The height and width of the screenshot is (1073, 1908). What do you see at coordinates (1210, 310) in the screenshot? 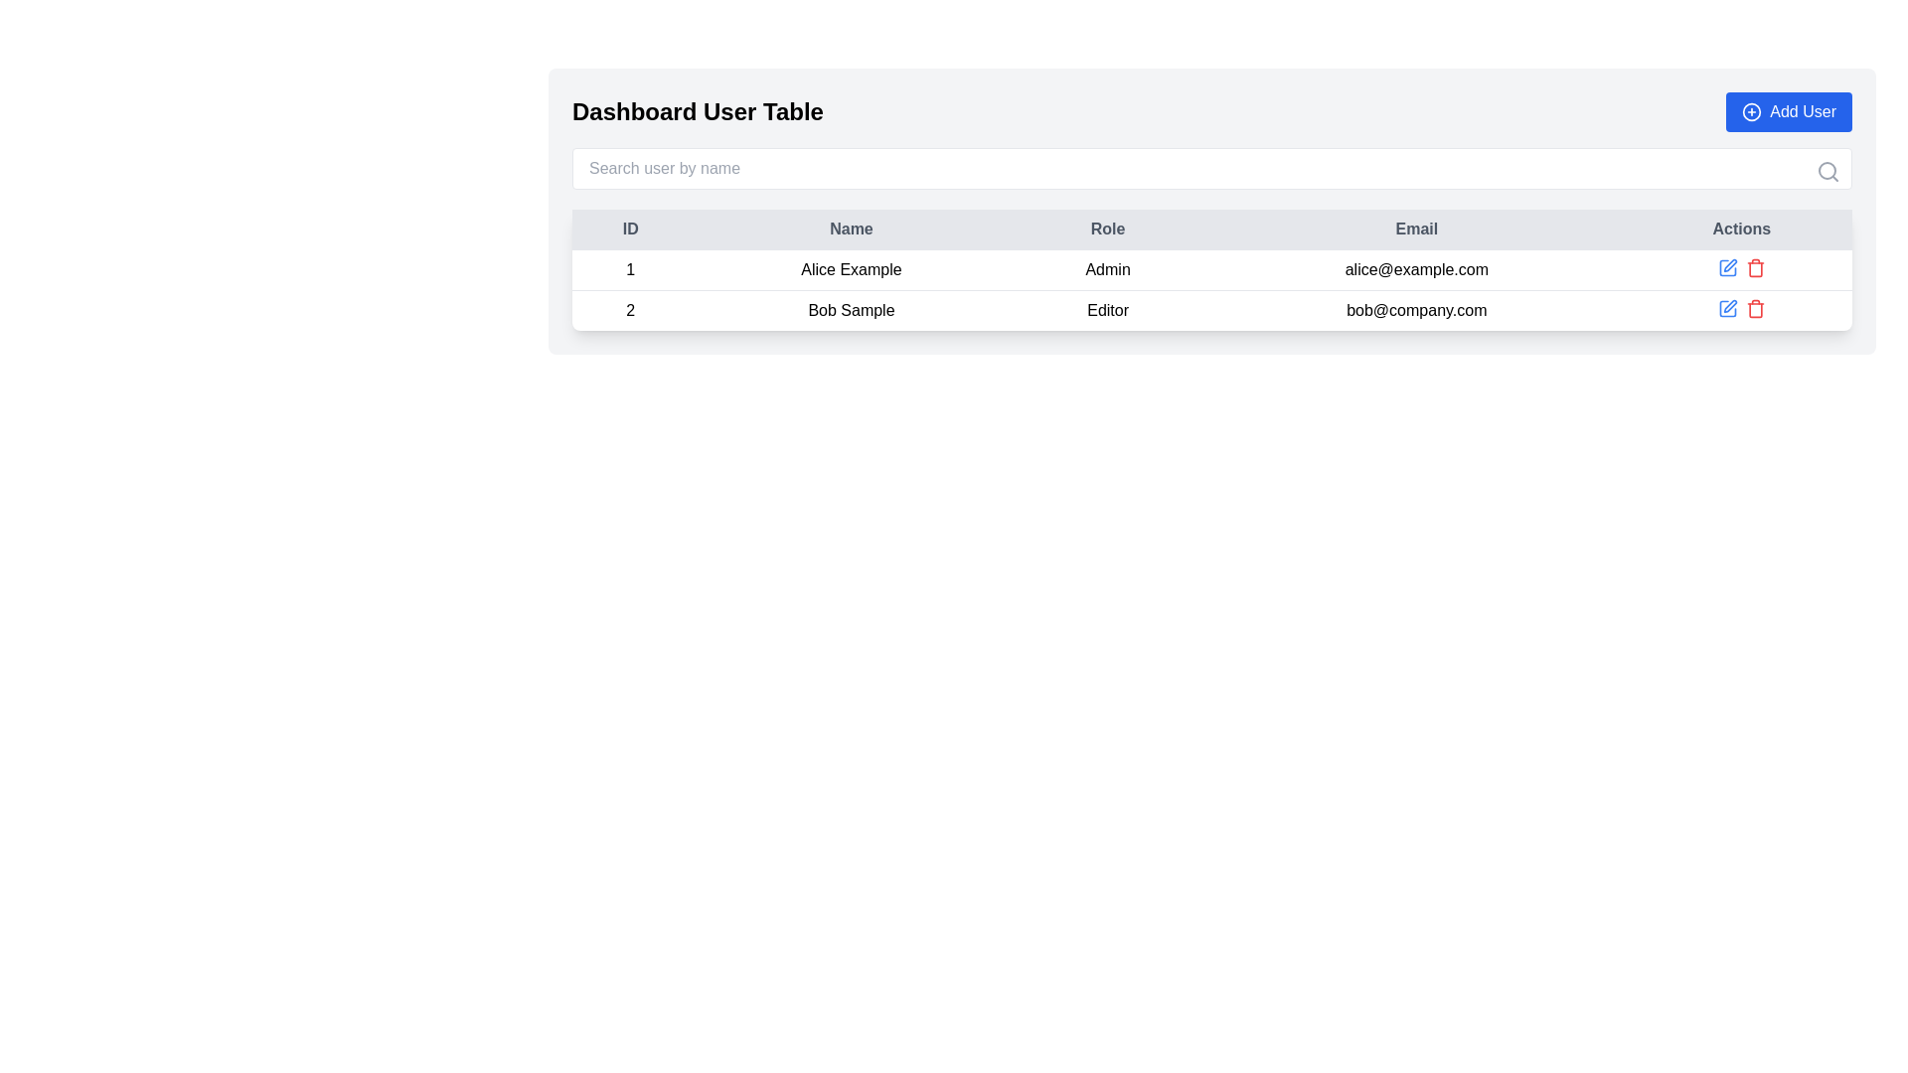
I see `the second row in the user information table that displays '2', 'Bob Sample', 'Editor', and 'bob@company.com'` at bounding box center [1210, 310].